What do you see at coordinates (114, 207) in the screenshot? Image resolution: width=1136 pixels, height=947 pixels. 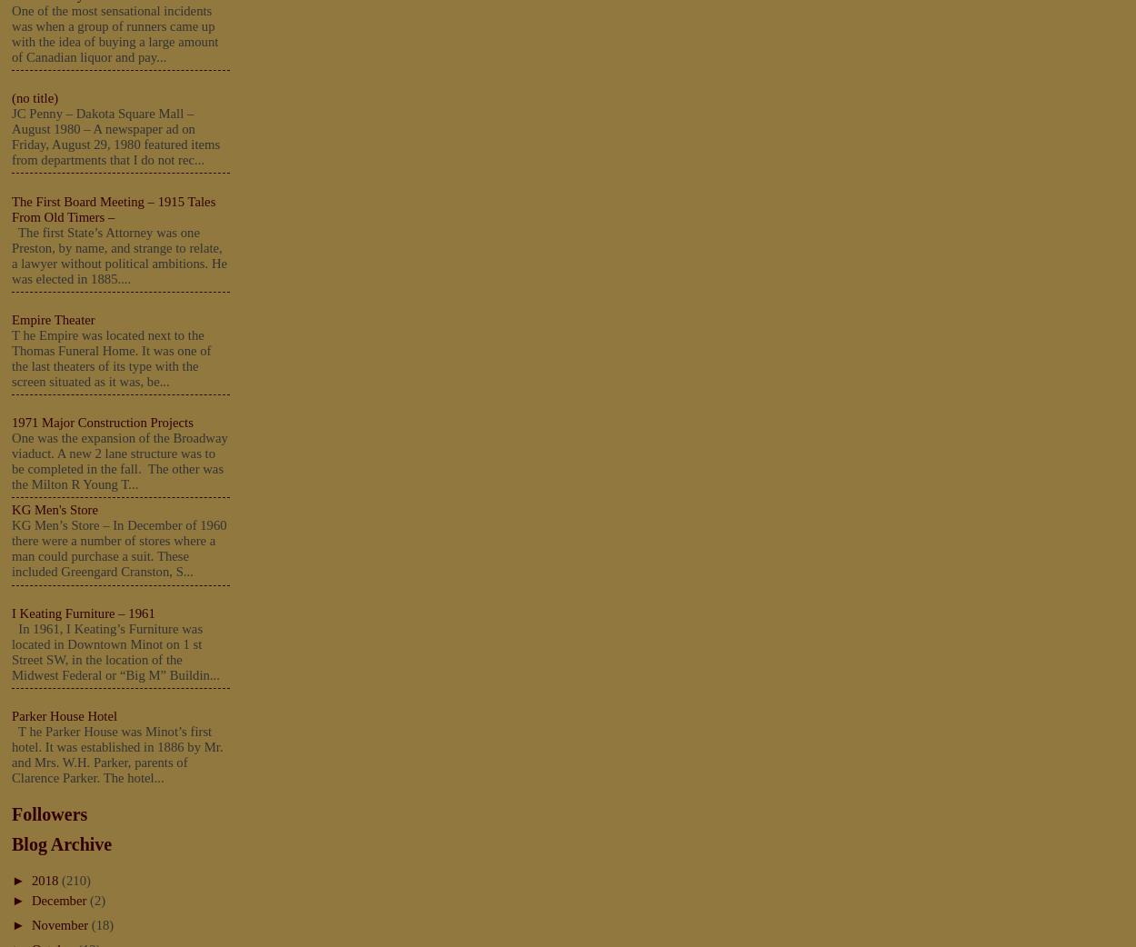 I see `'The First Board Meeting – 1915 Tales From Old Timers  –'` at bounding box center [114, 207].